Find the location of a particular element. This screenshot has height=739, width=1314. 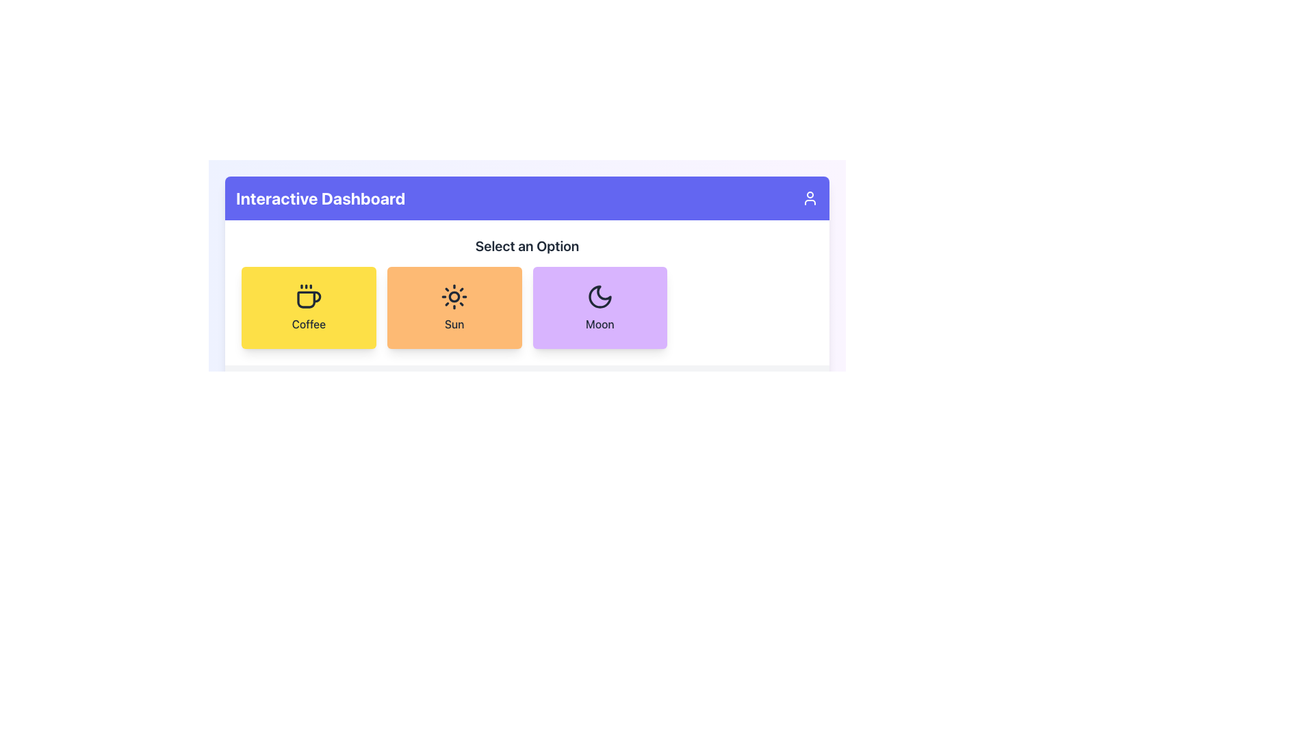

the 'Moon' button, which is the third button from the left in a row of options labeled 'Coffee', 'Sun', and 'Moon' is located at coordinates (600, 308).